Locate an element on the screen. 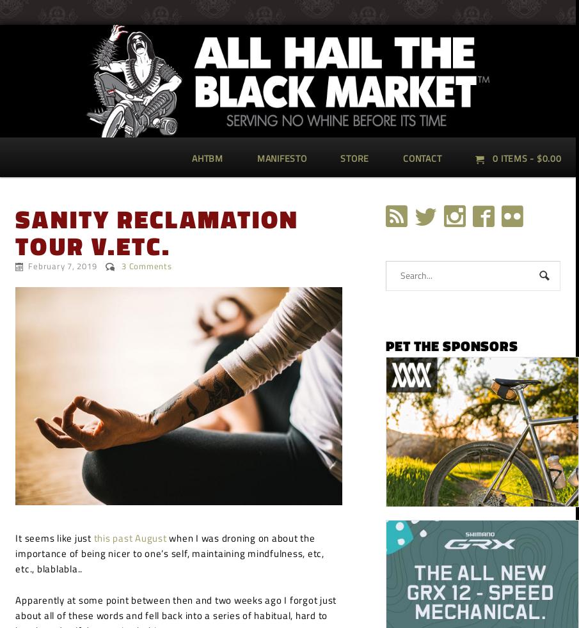 The image size is (579, 628). '0 items -' is located at coordinates (489, 157).